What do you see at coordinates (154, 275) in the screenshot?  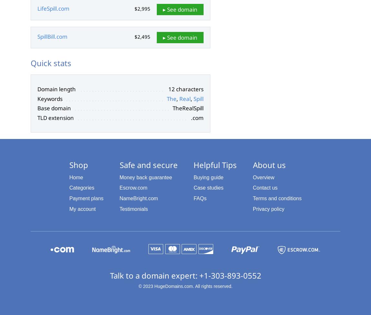 I see `'Talk to a domain expert:'` at bounding box center [154, 275].